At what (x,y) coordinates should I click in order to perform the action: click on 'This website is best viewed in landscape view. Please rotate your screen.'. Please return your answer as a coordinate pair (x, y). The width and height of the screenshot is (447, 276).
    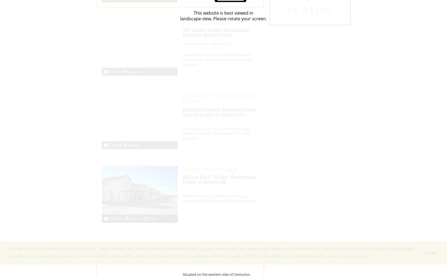
    Looking at the image, I should click on (224, 15).